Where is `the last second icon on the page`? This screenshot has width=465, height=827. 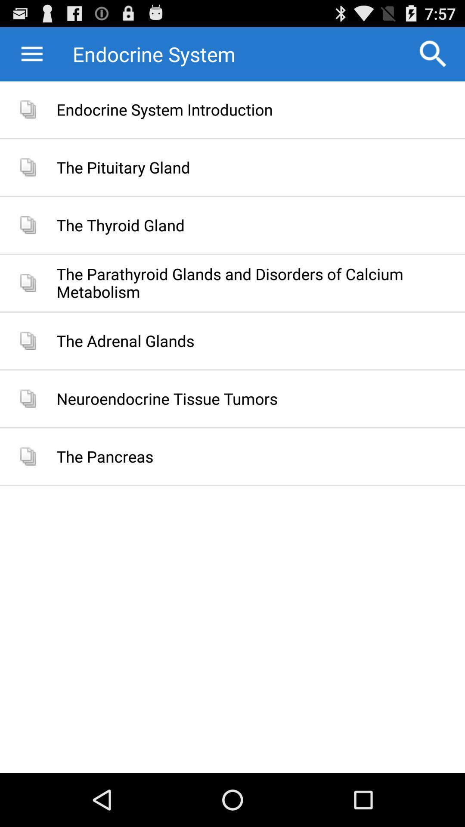 the last second icon on the page is located at coordinates (28, 398).